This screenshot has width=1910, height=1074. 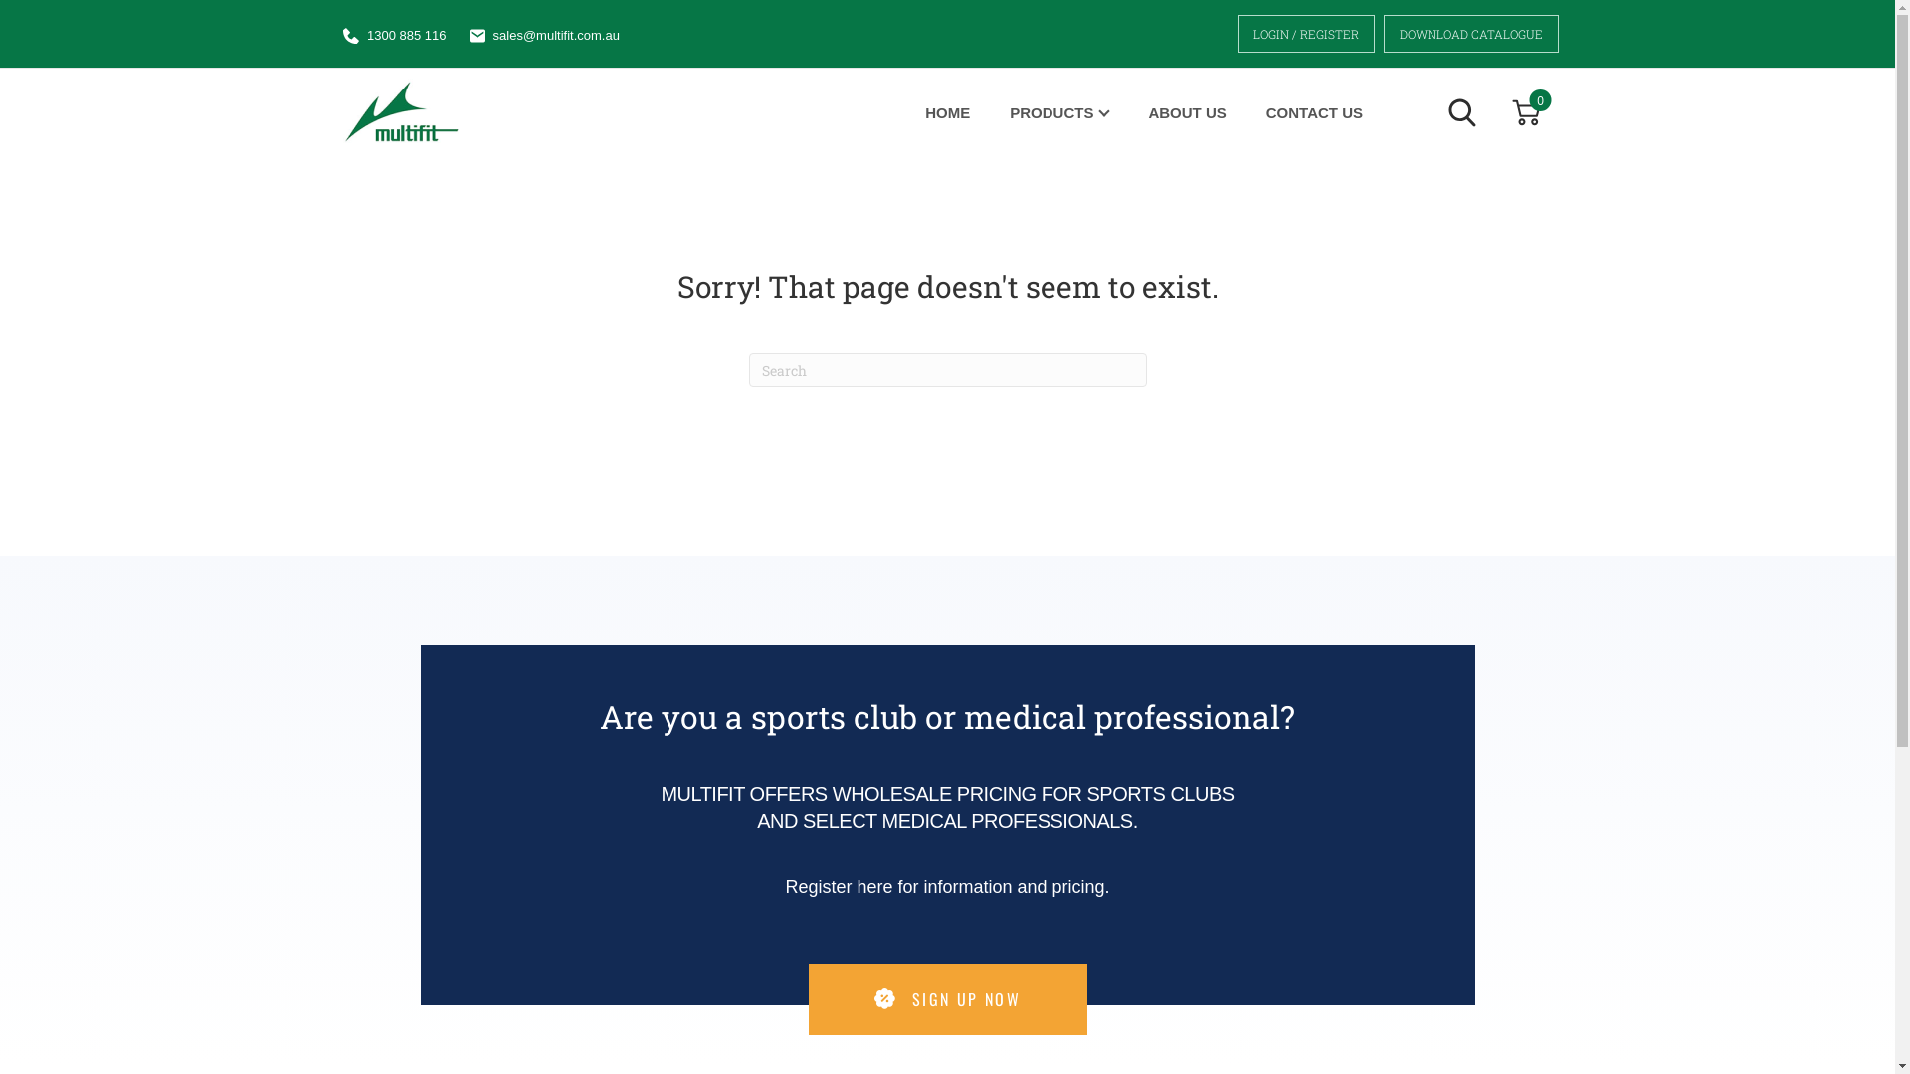 I want to click on '0', so click(x=1525, y=110).